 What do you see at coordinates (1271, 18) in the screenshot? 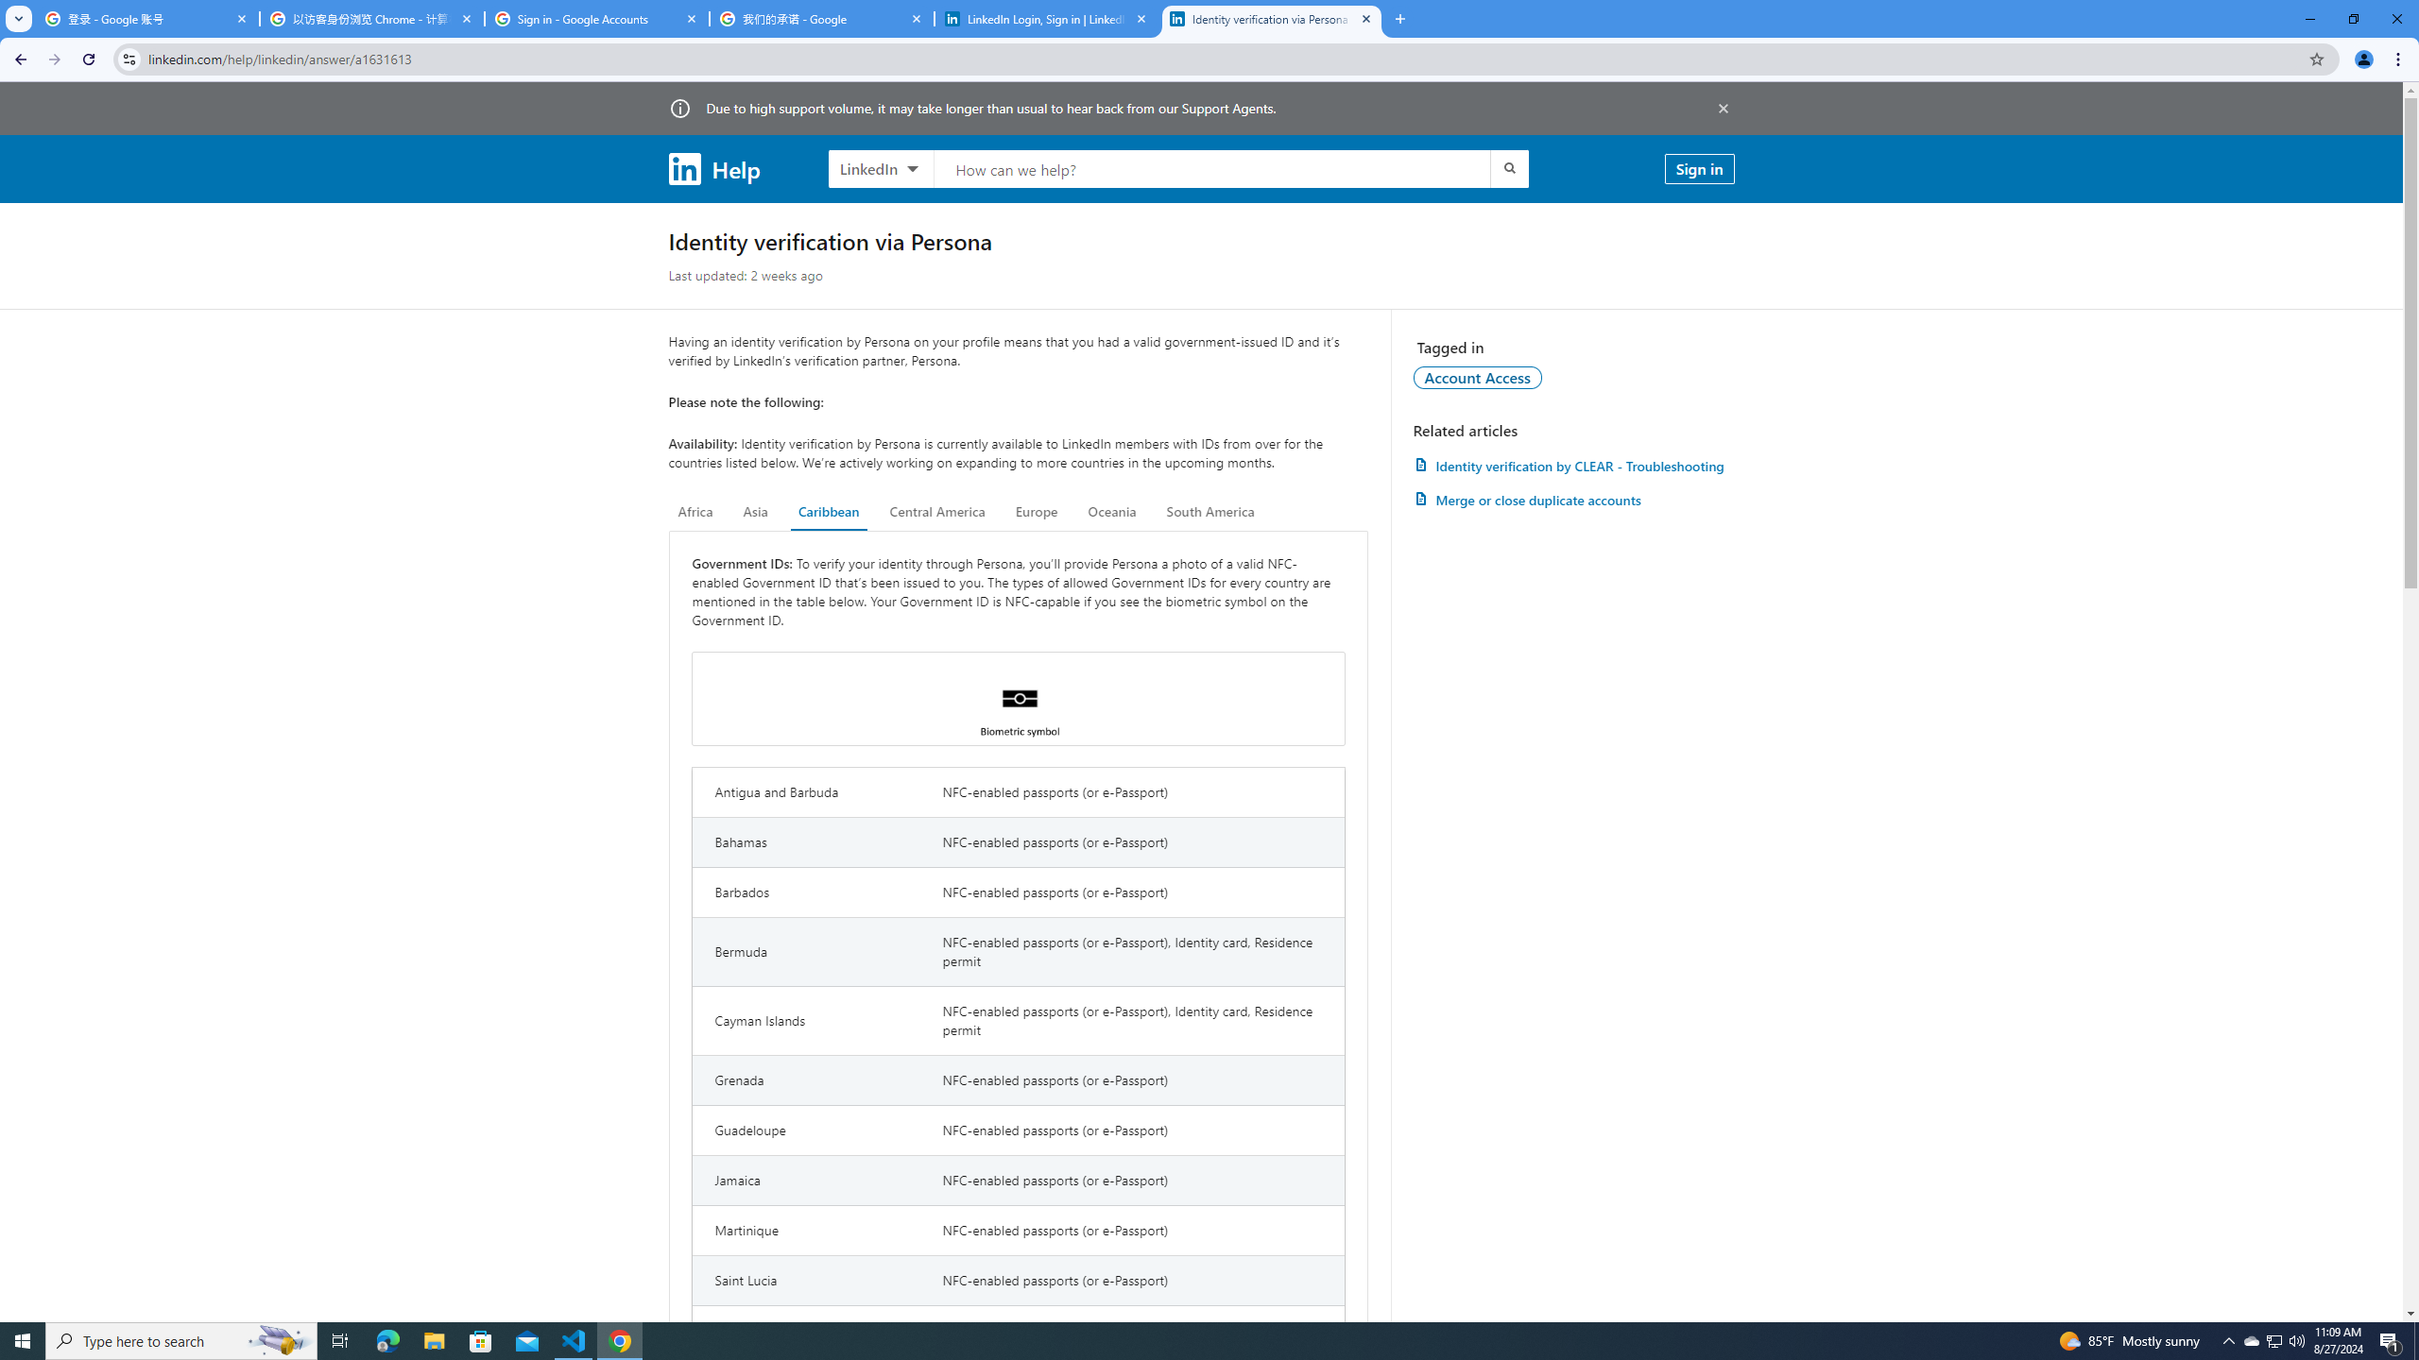
I see `'Identity verification via Persona | LinkedIn Help'` at bounding box center [1271, 18].